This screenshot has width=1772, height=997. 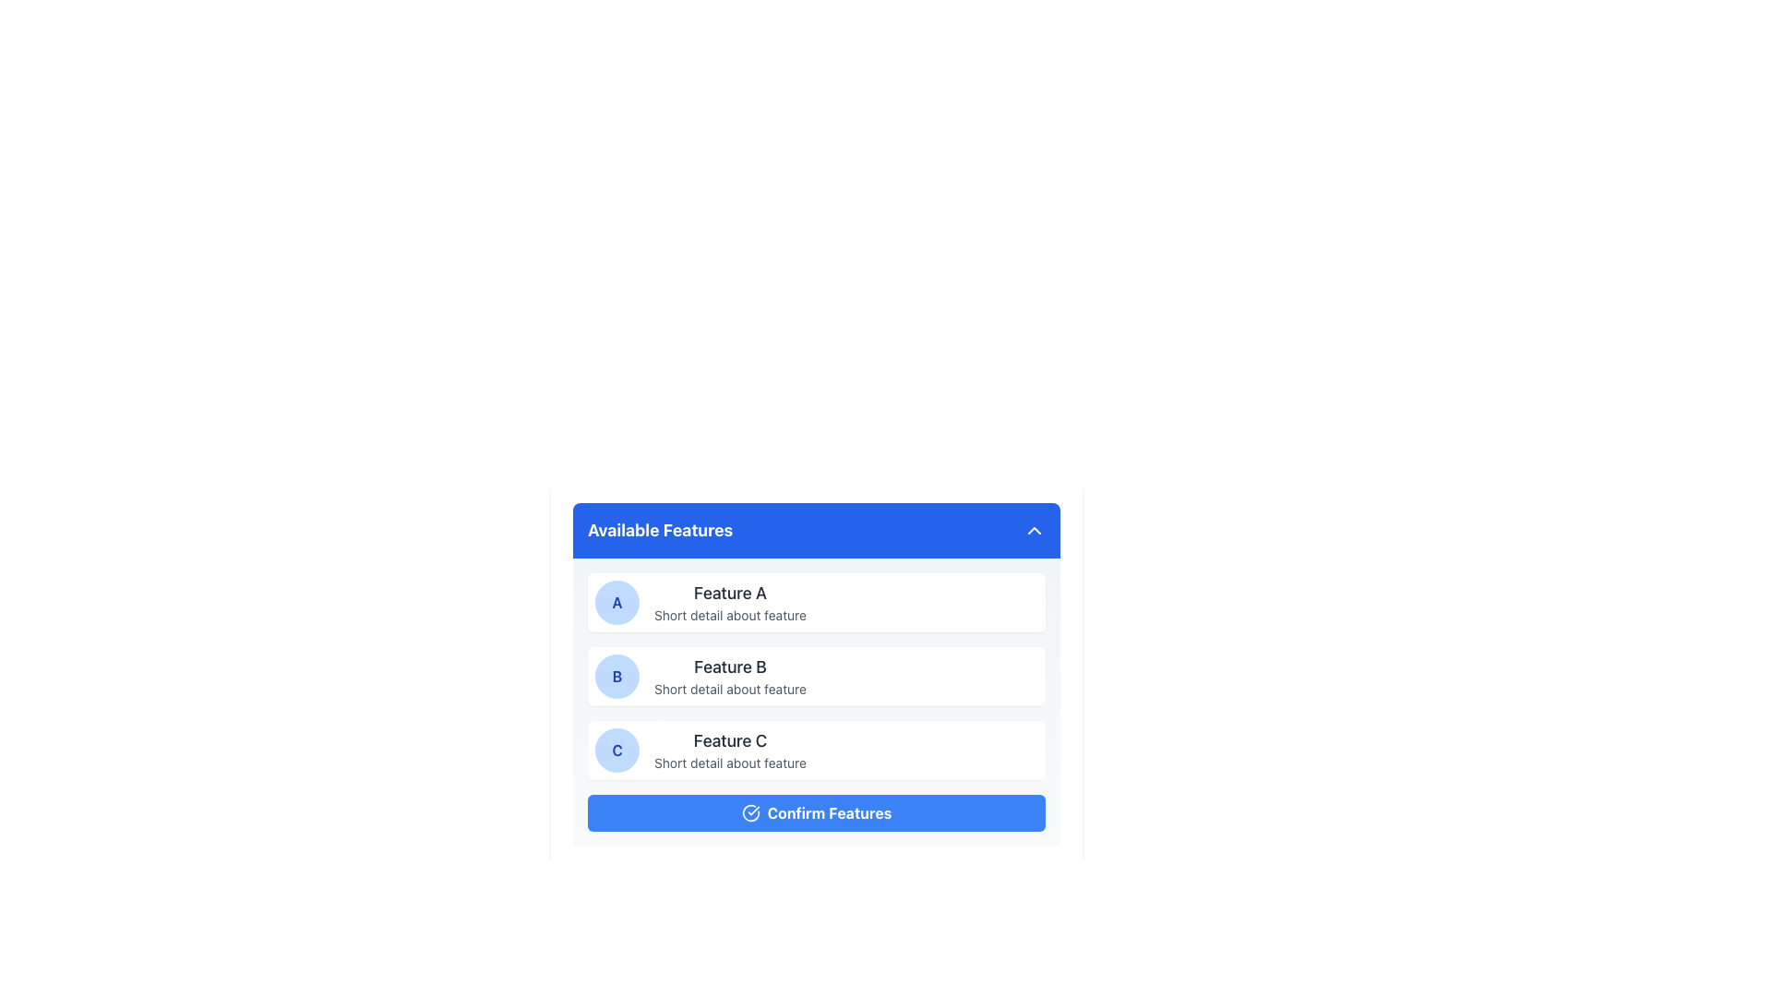 What do you see at coordinates (1035, 530) in the screenshot?
I see `the upward chevron arrow icon button located in the upper-right corner of the blue header bar labeled 'Available Features'` at bounding box center [1035, 530].